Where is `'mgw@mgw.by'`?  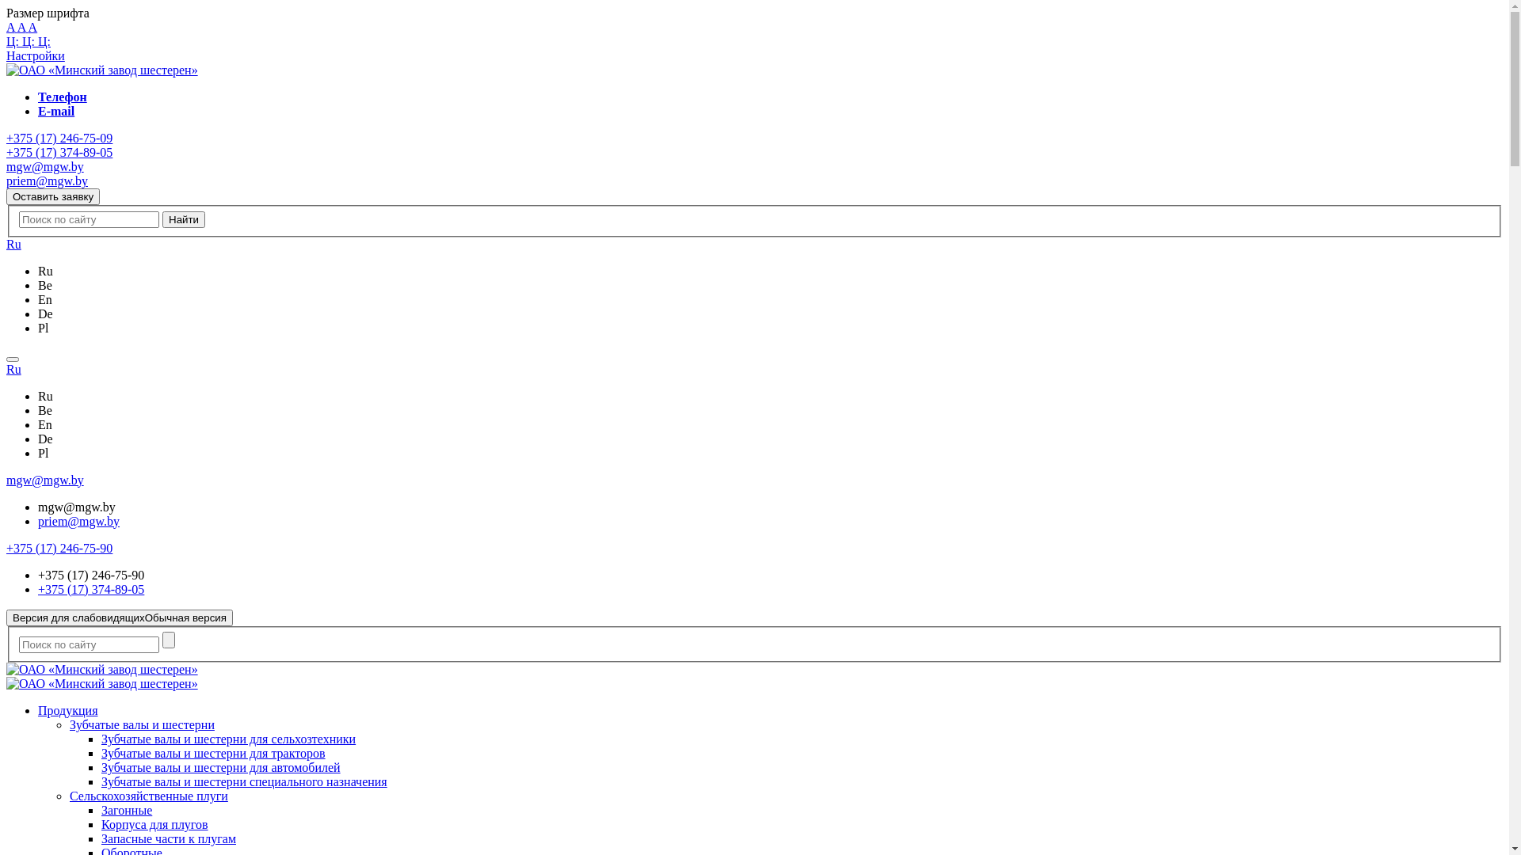
'mgw@mgw.by' is located at coordinates (45, 479).